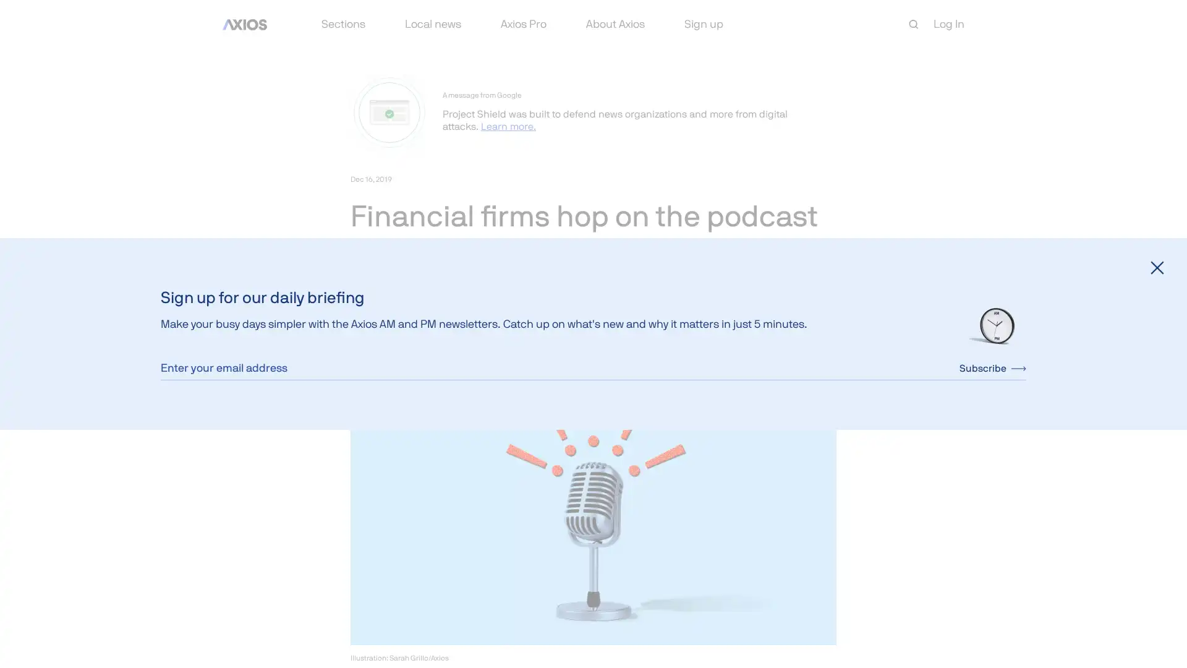  Describe the element at coordinates (948, 24) in the screenshot. I see `Log In` at that location.